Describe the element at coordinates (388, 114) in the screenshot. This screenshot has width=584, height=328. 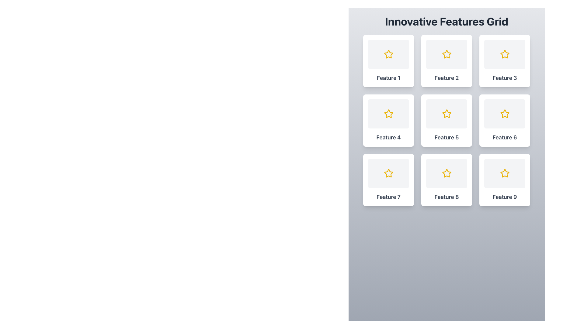
I see `the star-shaped graphic icon located` at that location.